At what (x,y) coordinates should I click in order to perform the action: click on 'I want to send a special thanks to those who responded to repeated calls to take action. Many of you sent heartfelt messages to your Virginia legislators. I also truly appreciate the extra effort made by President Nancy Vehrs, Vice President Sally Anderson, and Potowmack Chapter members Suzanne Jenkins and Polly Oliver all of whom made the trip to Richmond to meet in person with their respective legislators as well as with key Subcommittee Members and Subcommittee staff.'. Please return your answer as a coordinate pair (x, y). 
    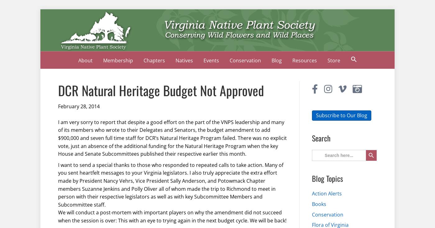
    Looking at the image, I should click on (58, 184).